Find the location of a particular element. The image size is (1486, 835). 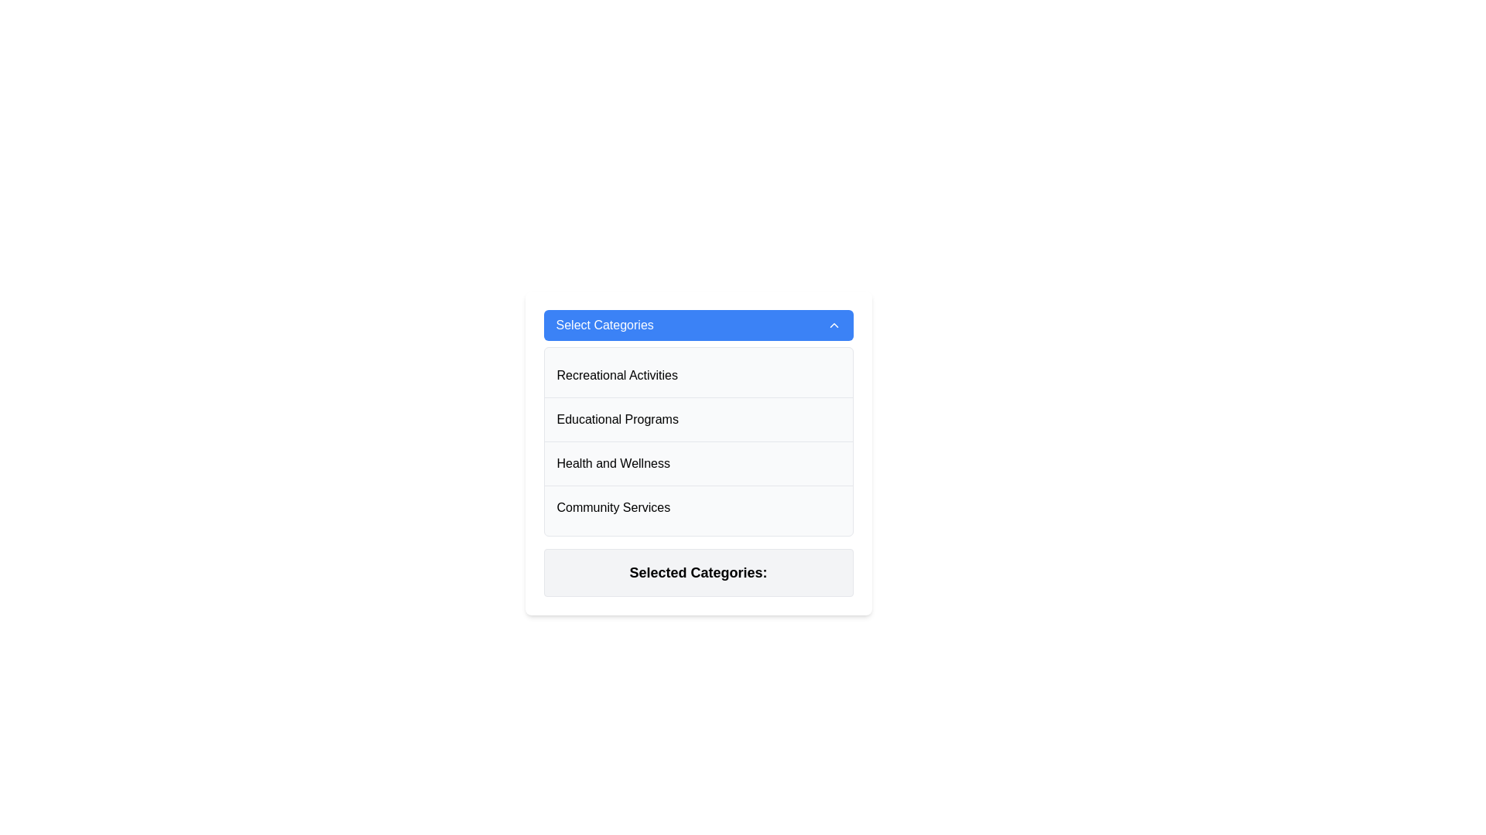

the first visible menu option labeled 'Select Categories' is located at coordinates (616, 376).